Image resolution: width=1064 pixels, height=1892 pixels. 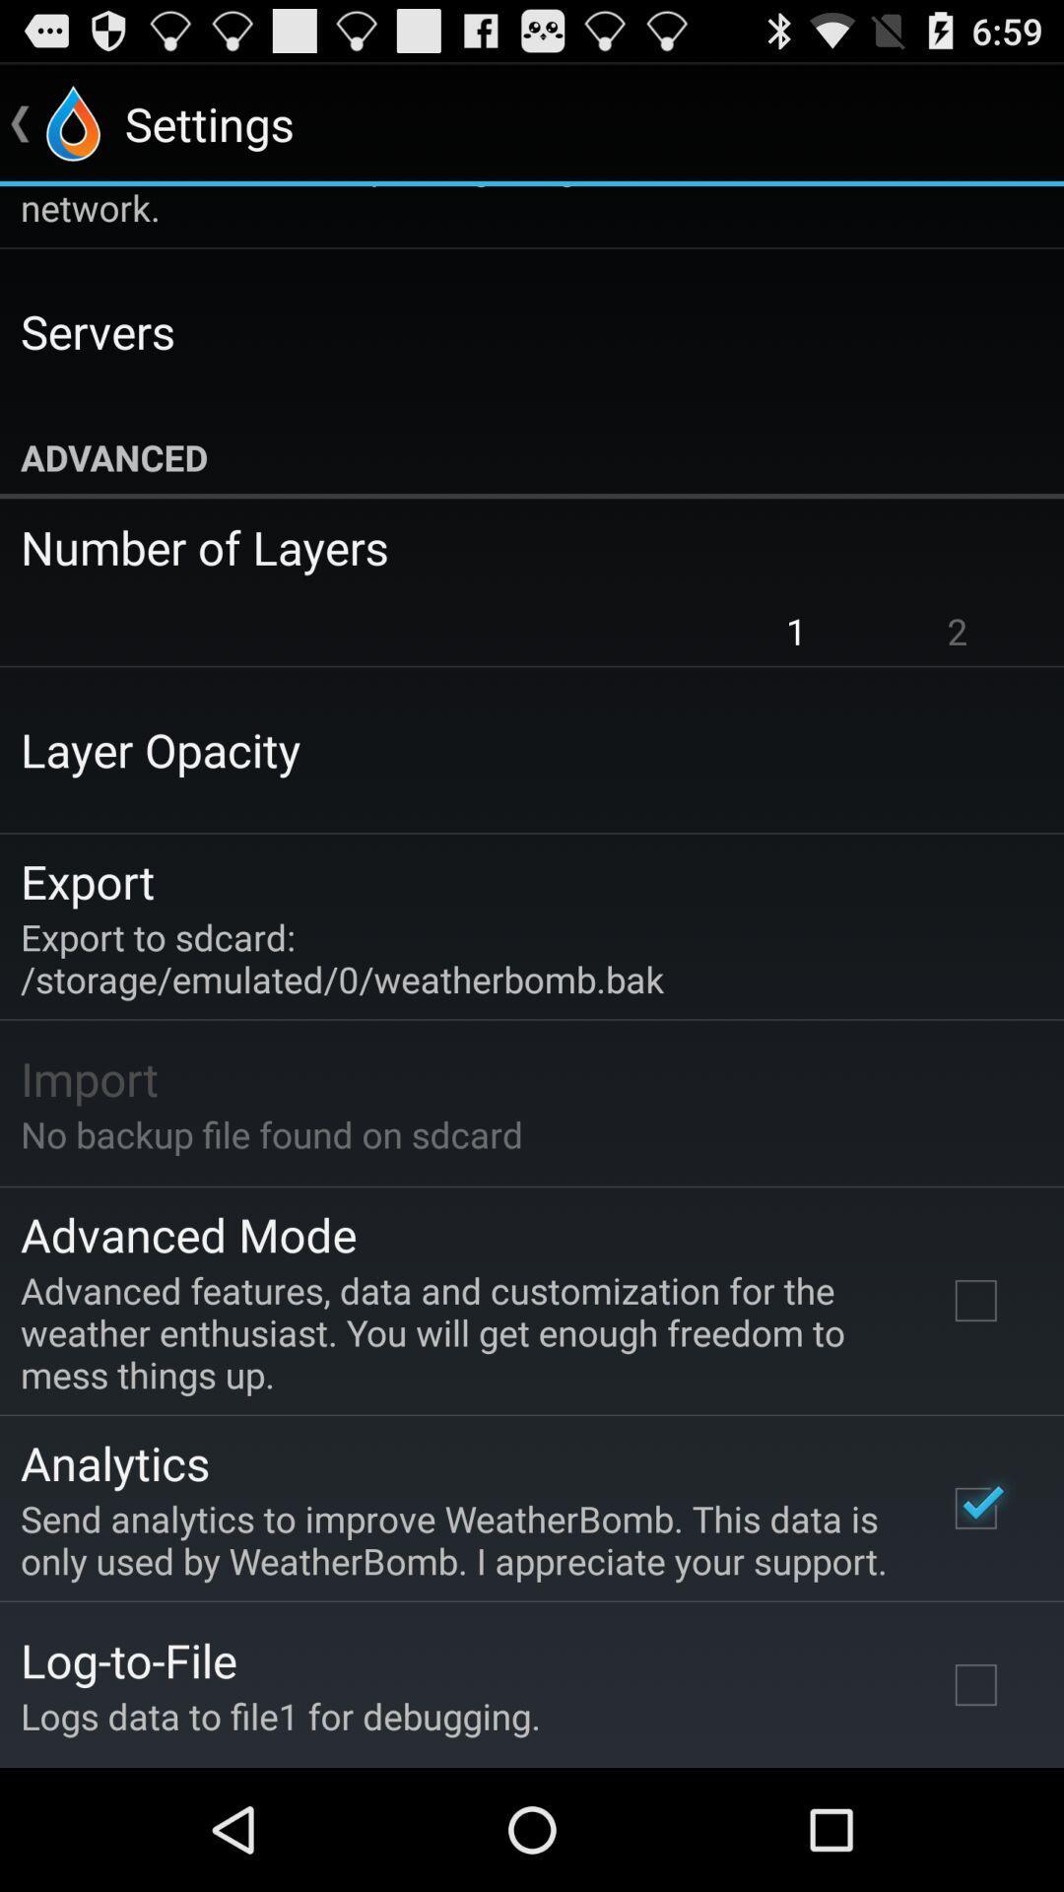 What do you see at coordinates (957, 631) in the screenshot?
I see `2` at bounding box center [957, 631].